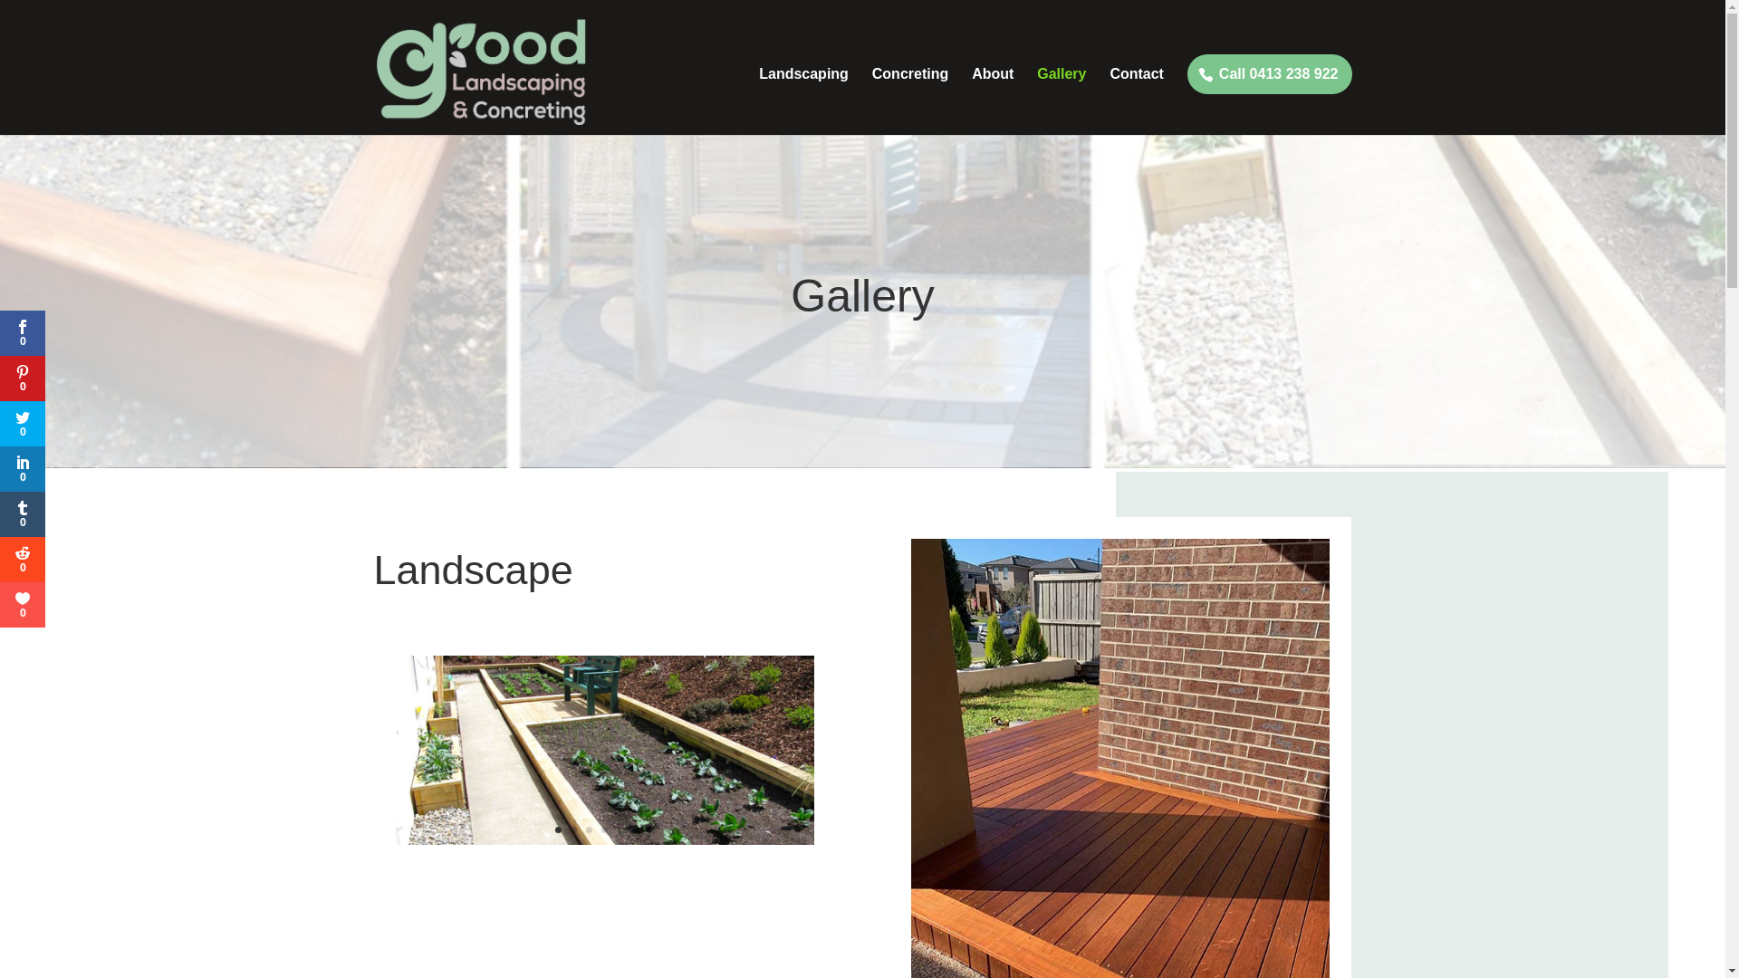  I want to click on 'Gallery', so click(1061, 101).